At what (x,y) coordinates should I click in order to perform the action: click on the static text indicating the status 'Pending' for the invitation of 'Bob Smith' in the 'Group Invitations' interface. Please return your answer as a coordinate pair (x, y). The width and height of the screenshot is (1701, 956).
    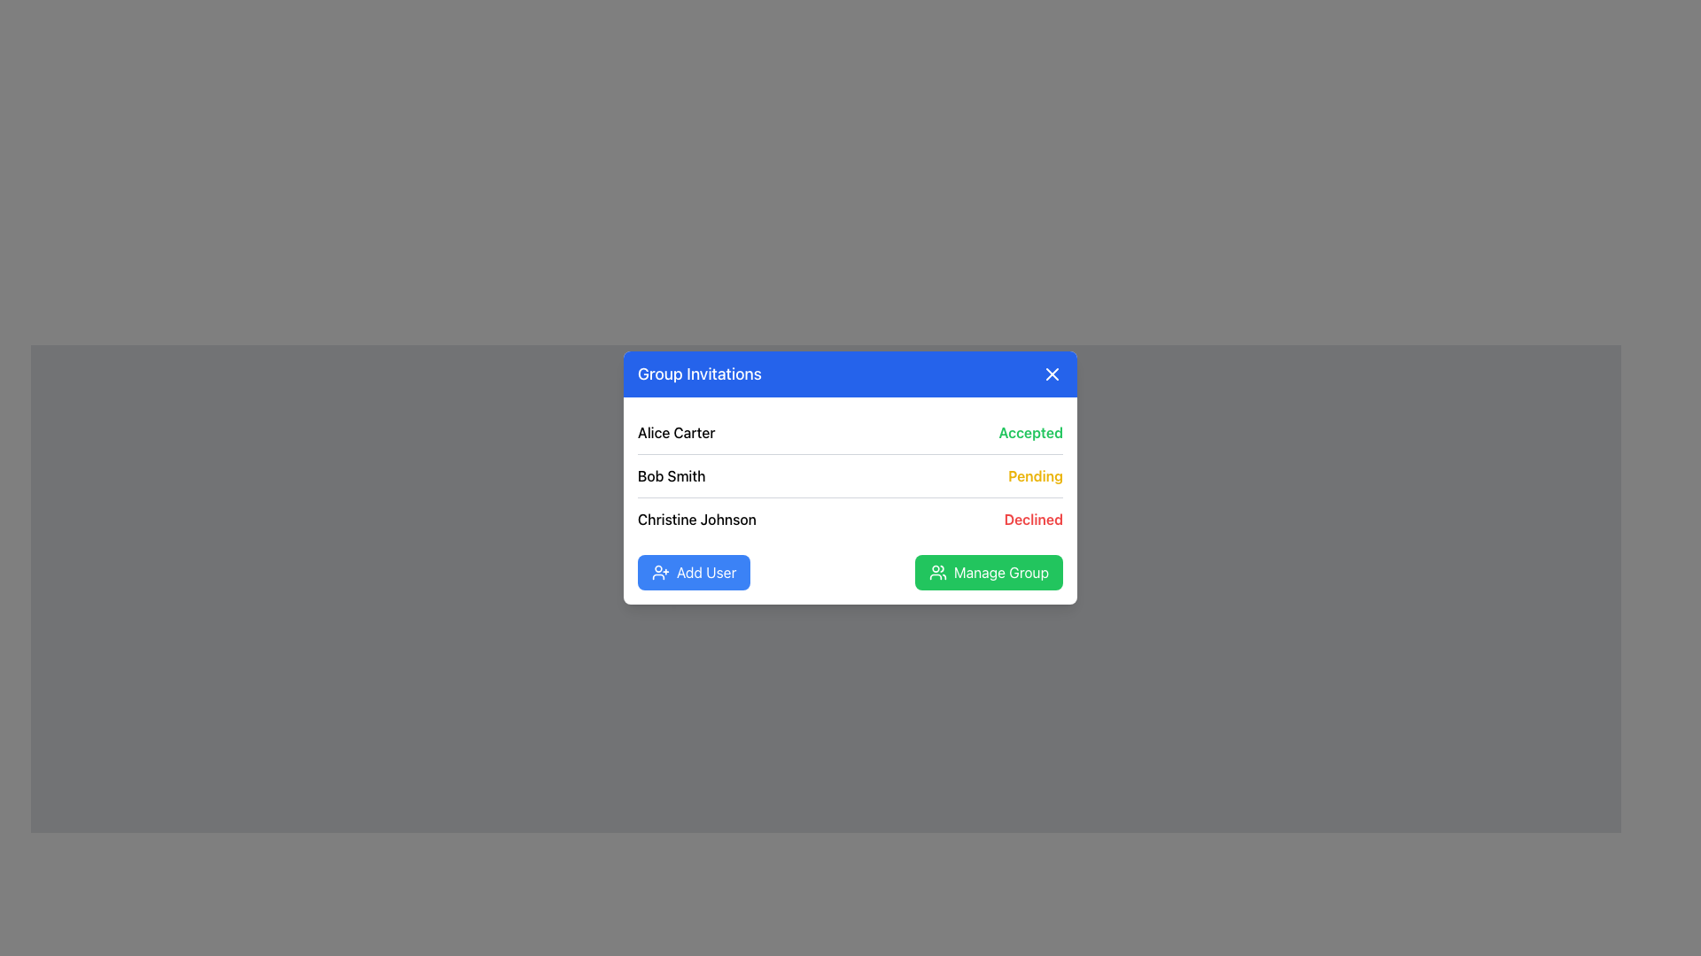
    Looking at the image, I should click on (1036, 474).